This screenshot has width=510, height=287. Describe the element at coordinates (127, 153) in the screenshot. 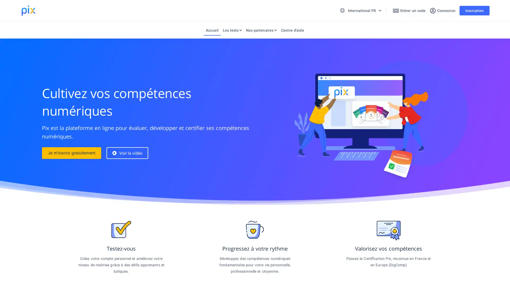

I see `Voir la video` at that location.